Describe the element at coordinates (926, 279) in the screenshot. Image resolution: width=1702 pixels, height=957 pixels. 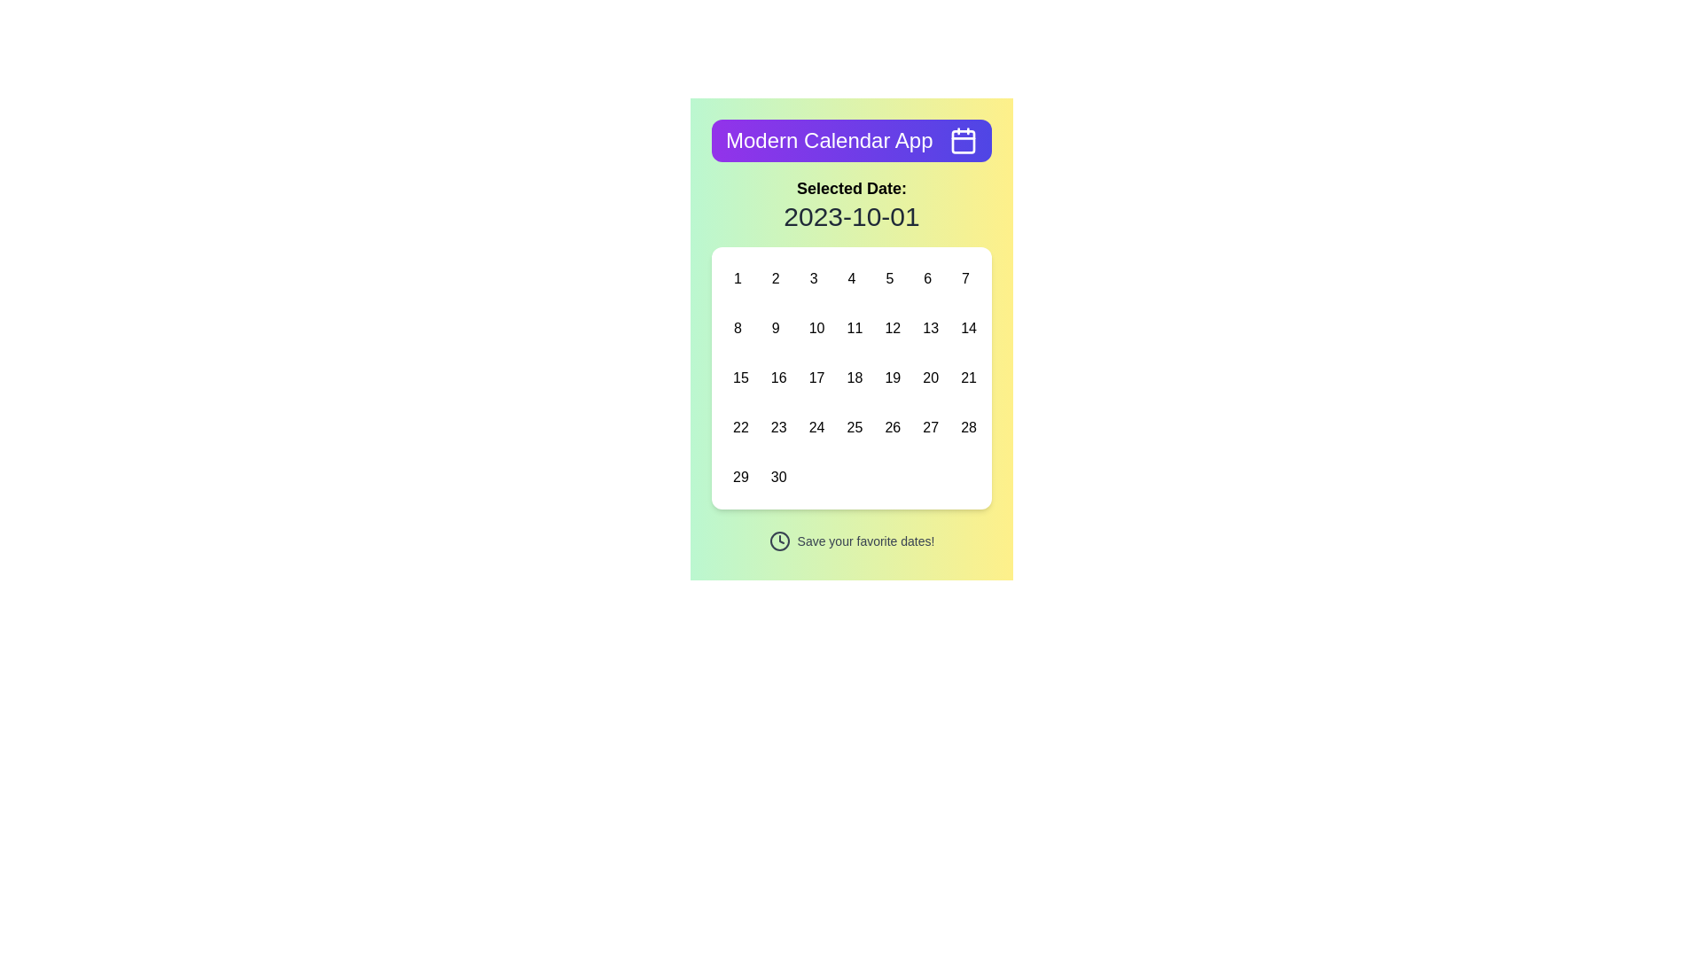
I see `the button displaying the number '6'` at that location.